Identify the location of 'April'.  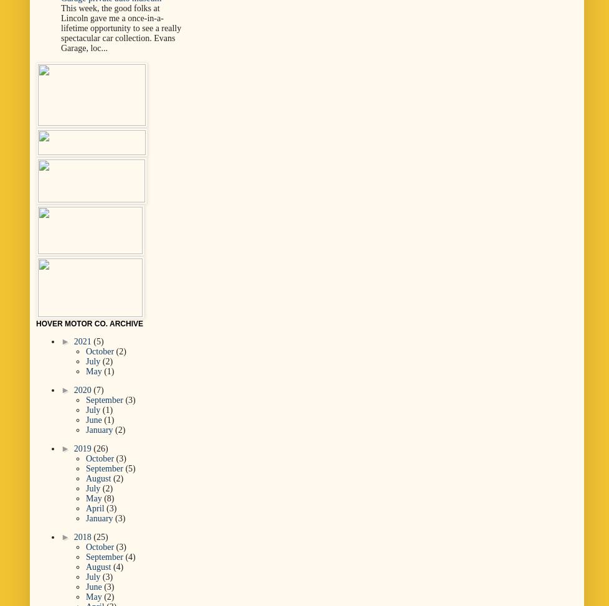
(96, 507).